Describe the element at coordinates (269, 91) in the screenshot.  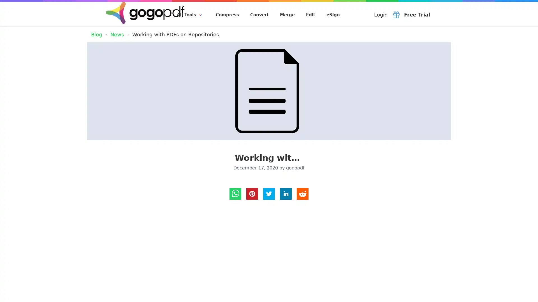
I see `Working with PDFs on Repositories` at that location.